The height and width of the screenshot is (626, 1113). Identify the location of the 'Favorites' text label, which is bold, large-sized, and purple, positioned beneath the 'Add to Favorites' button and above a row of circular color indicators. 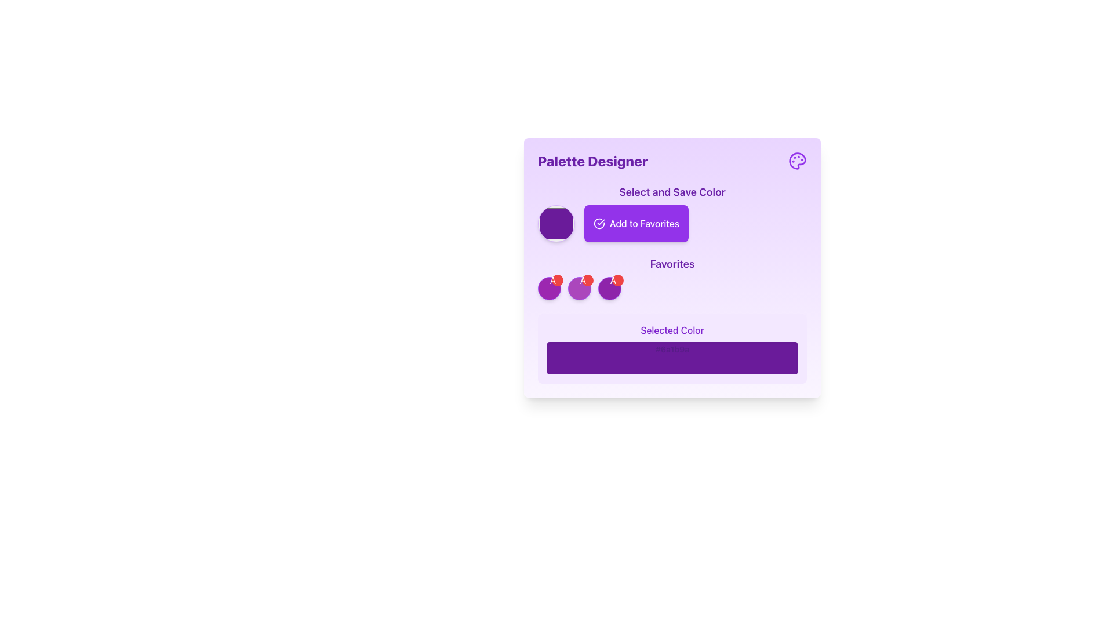
(672, 264).